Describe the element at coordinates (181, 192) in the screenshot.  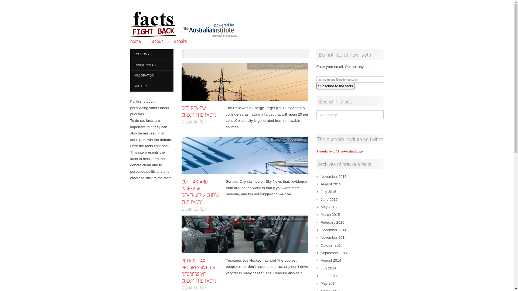
I see `'CUT TAX AND INCREASE REVENUE? > CHECK THE FACTS'` at that location.